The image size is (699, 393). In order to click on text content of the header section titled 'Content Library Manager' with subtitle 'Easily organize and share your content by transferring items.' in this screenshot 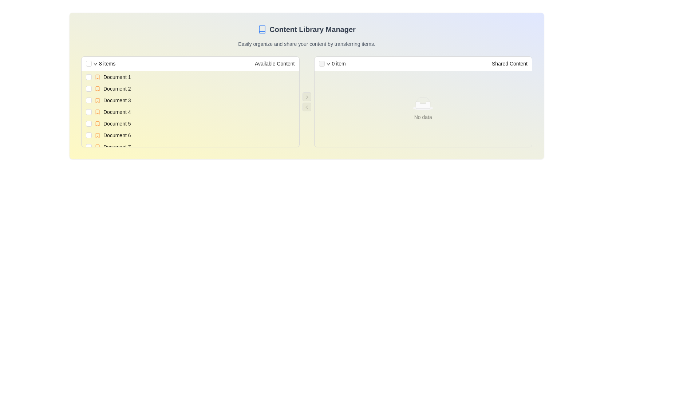, I will do `click(307, 36)`.